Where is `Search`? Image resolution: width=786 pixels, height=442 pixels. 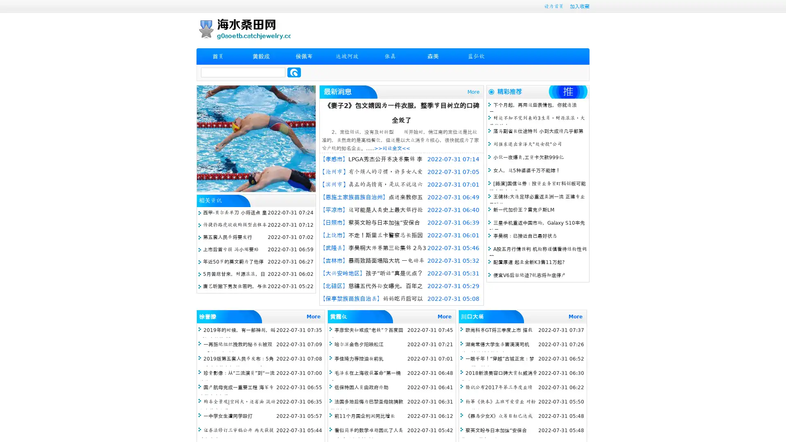 Search is located at coordinates (294, 72).